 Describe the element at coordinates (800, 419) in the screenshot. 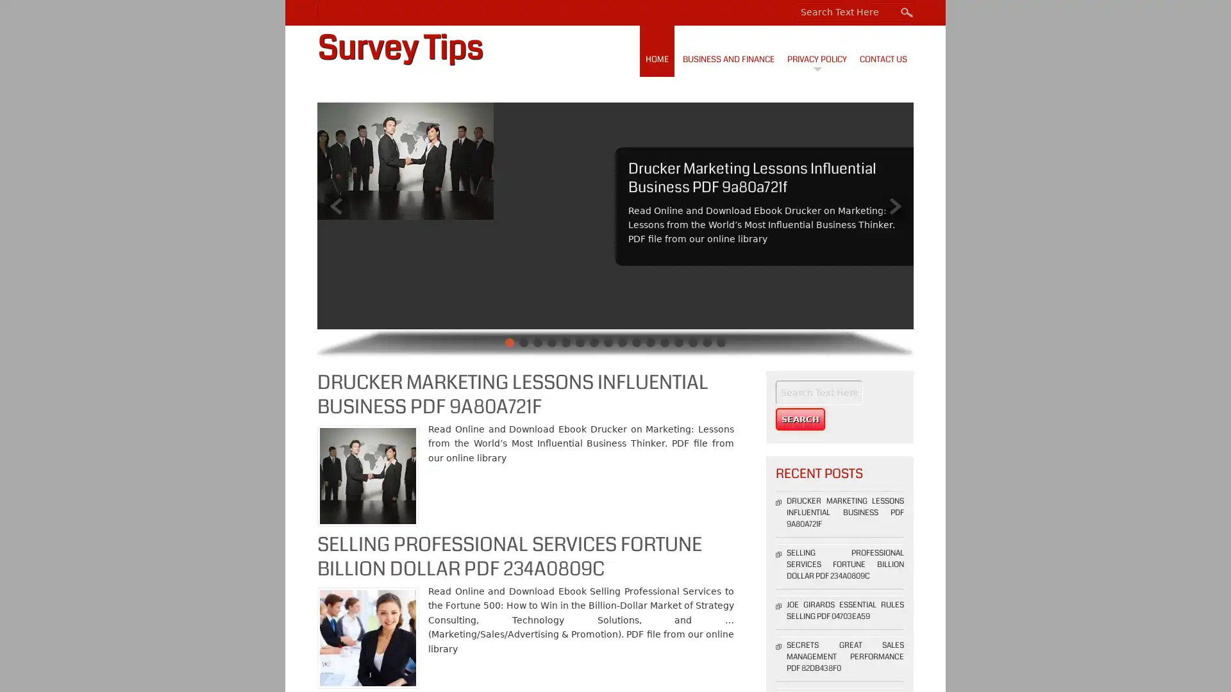

I see `Search` at that location.